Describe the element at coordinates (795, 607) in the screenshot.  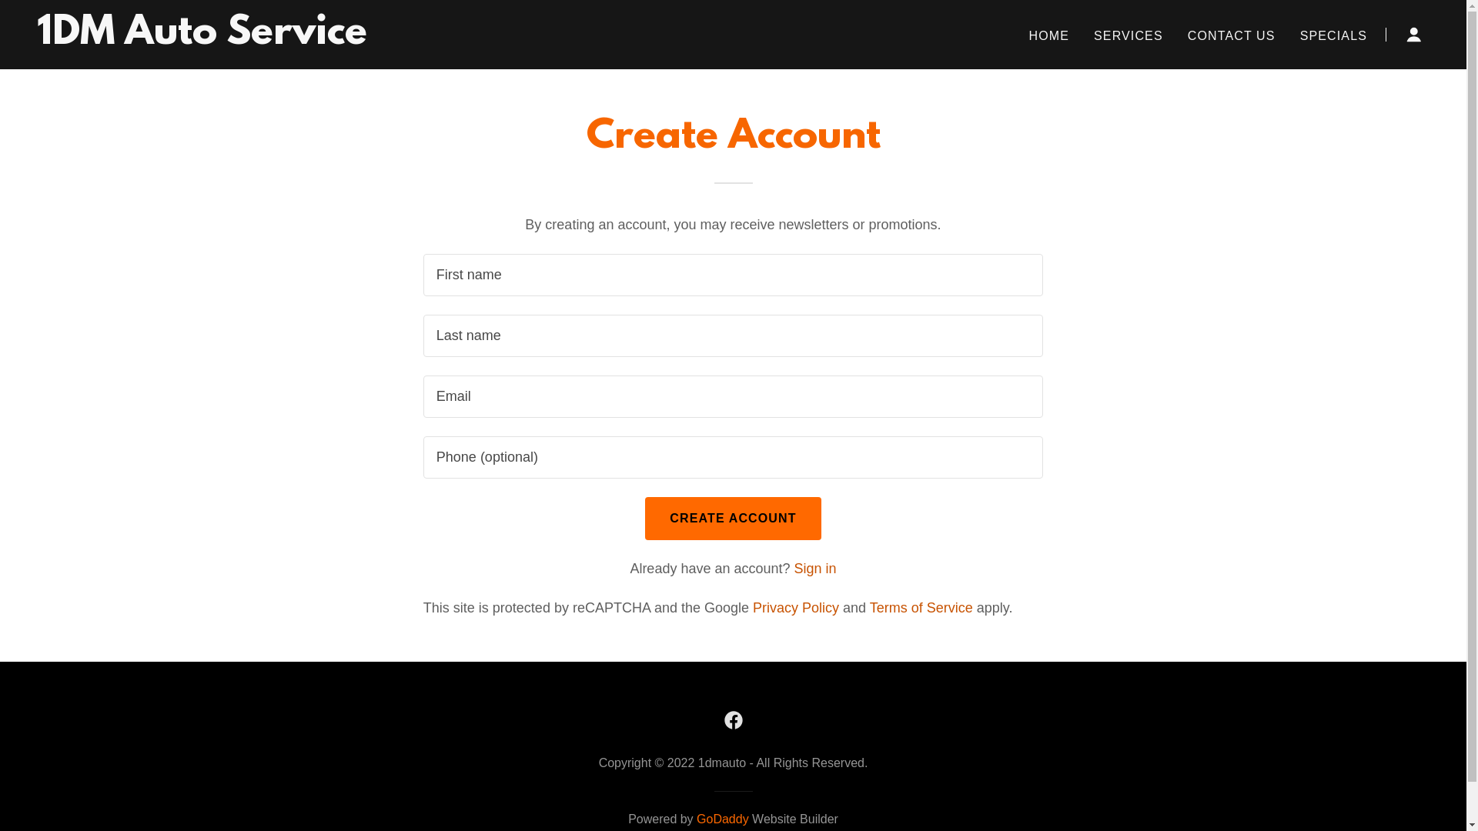
I see `'Privacy Policy'` at that location.